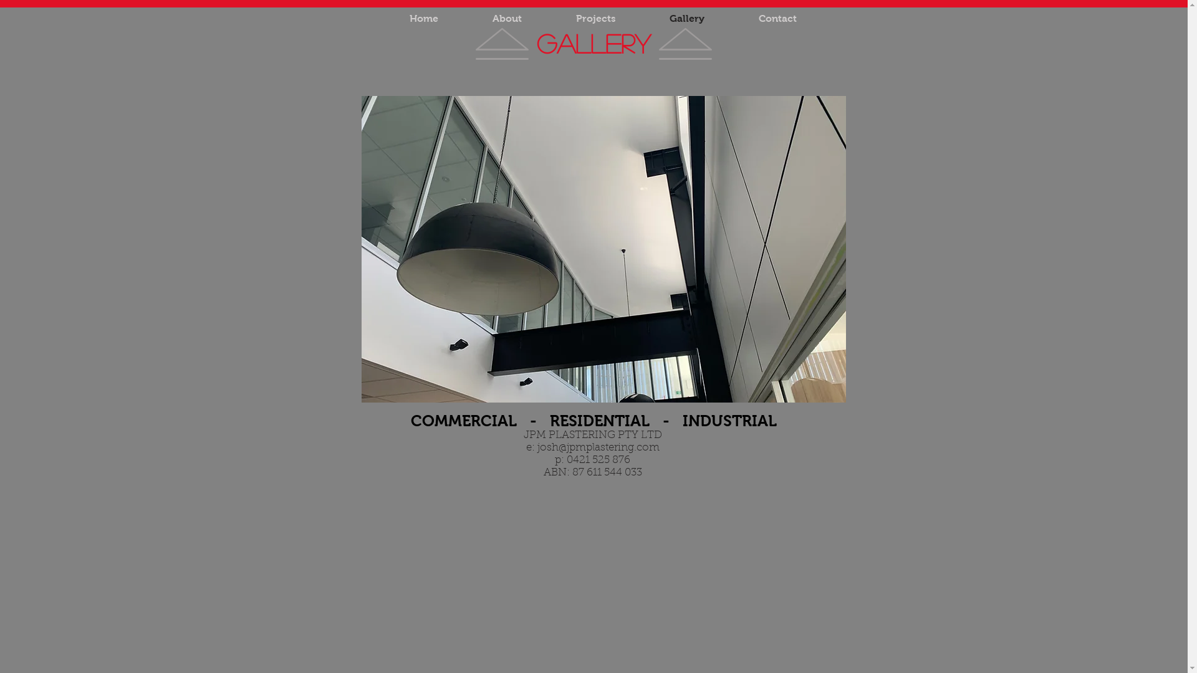  What do you see at coordinates (424, 19) in the screenshot?
I see `'Home'` at bounding box center [424, 19].